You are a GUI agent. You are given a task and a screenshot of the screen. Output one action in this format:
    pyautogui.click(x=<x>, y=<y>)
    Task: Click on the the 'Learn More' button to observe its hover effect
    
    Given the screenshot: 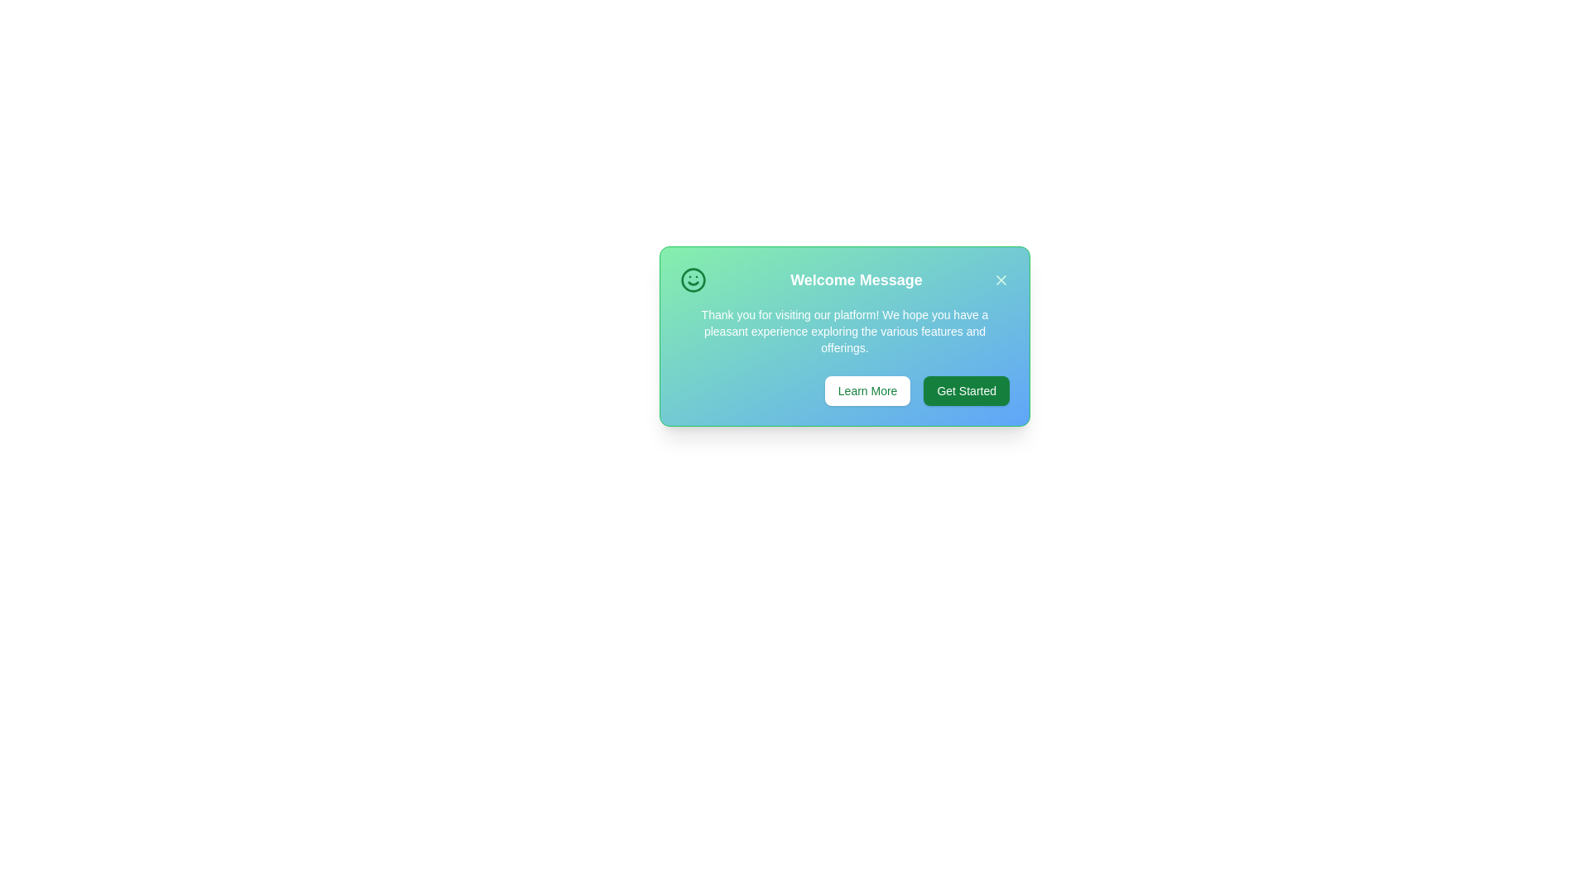 What is the action you would take?
    pyautogui.click(x=867, y=391)
    